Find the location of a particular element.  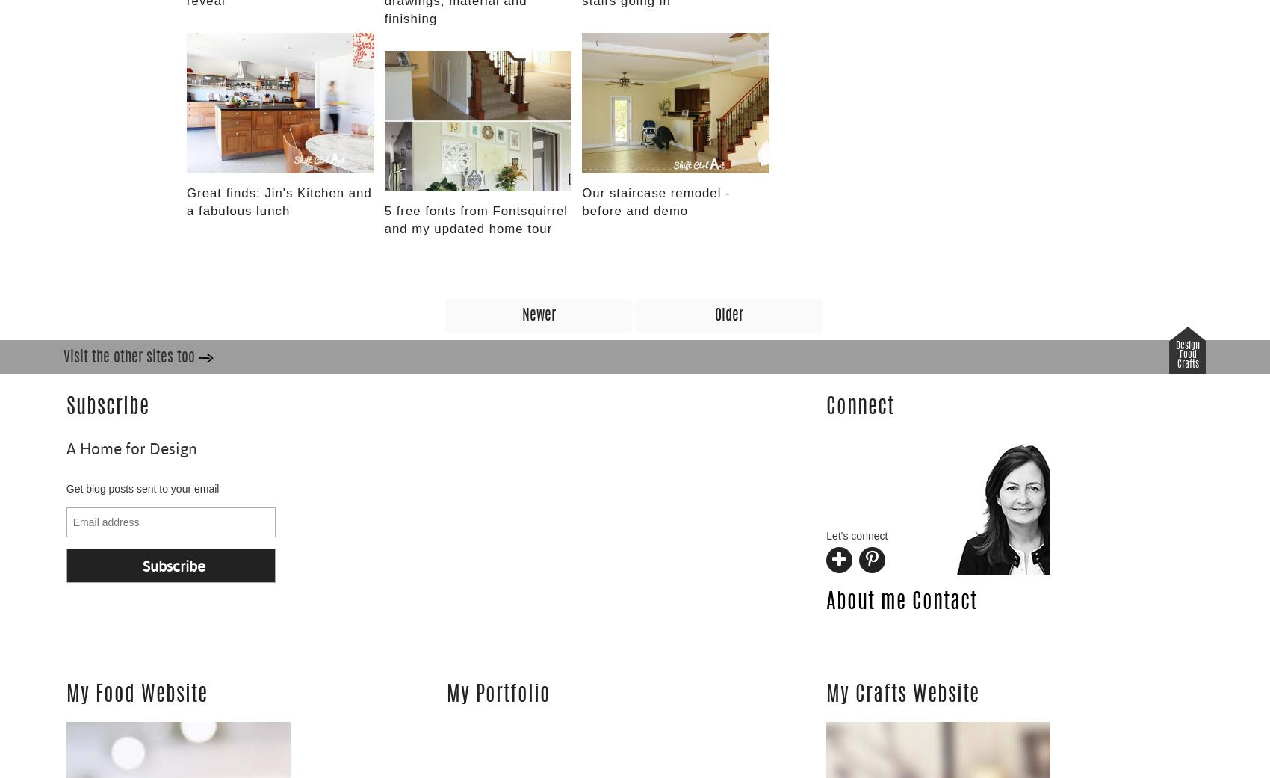

'Newer' is located at coordinates (539, 315).